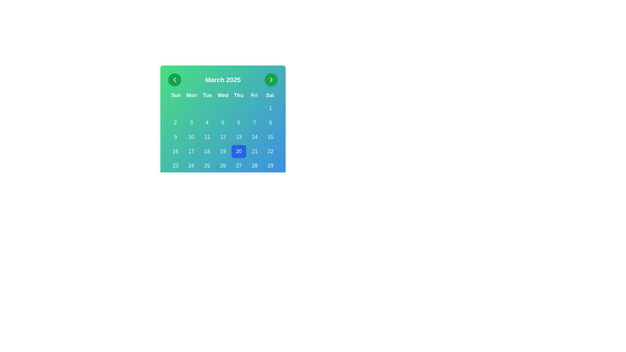 The image size is (626, 352). I want to click on the rectangular button with rounded corners and a turquoise background that displays the numeral '3' in bold white font, located, so click(191, 123).